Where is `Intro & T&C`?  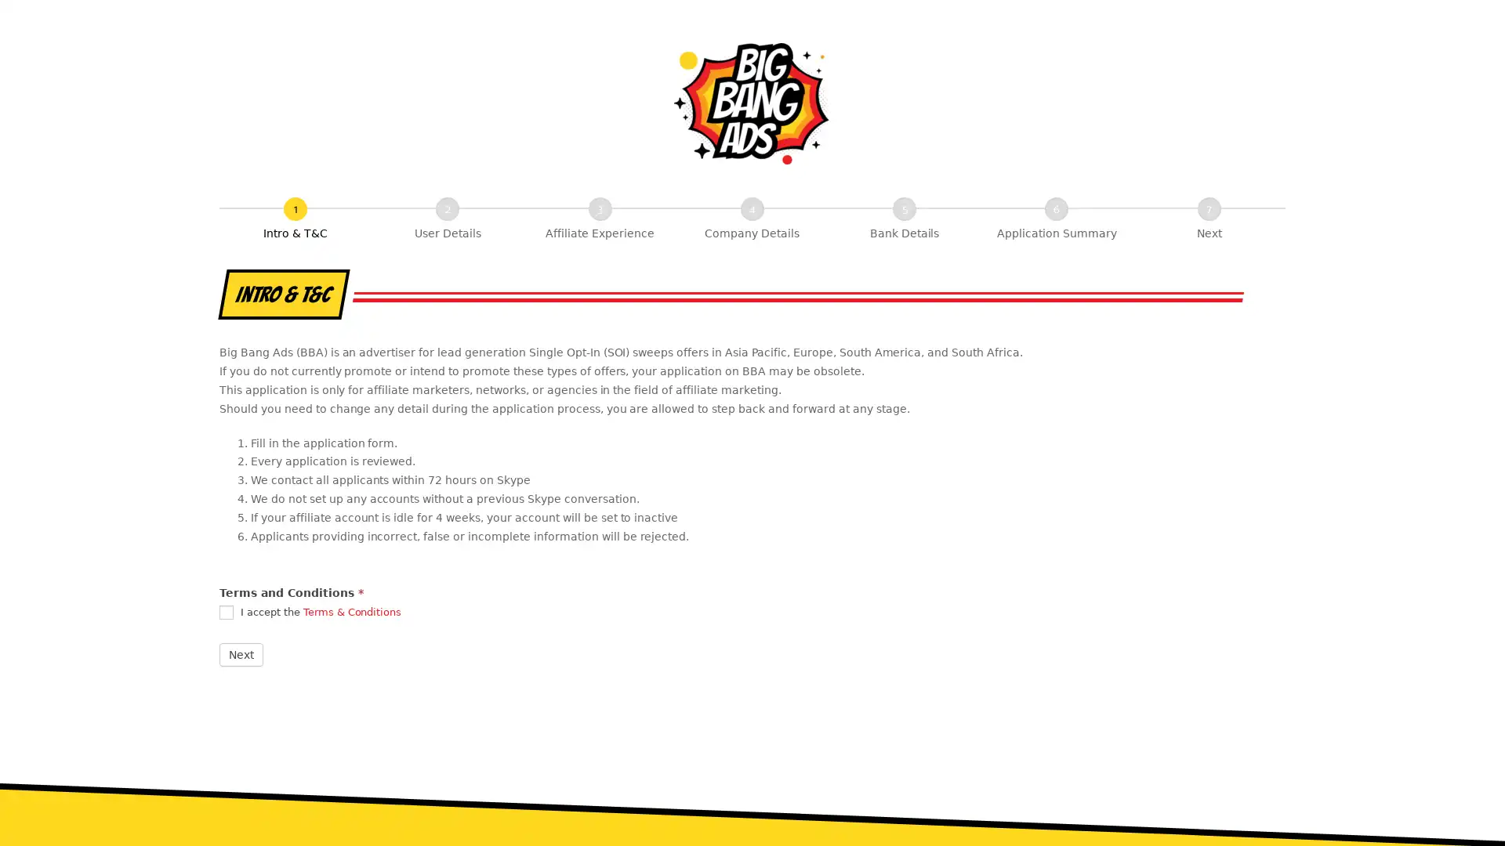
Intro & T&C is located at coordinates (296, 208).